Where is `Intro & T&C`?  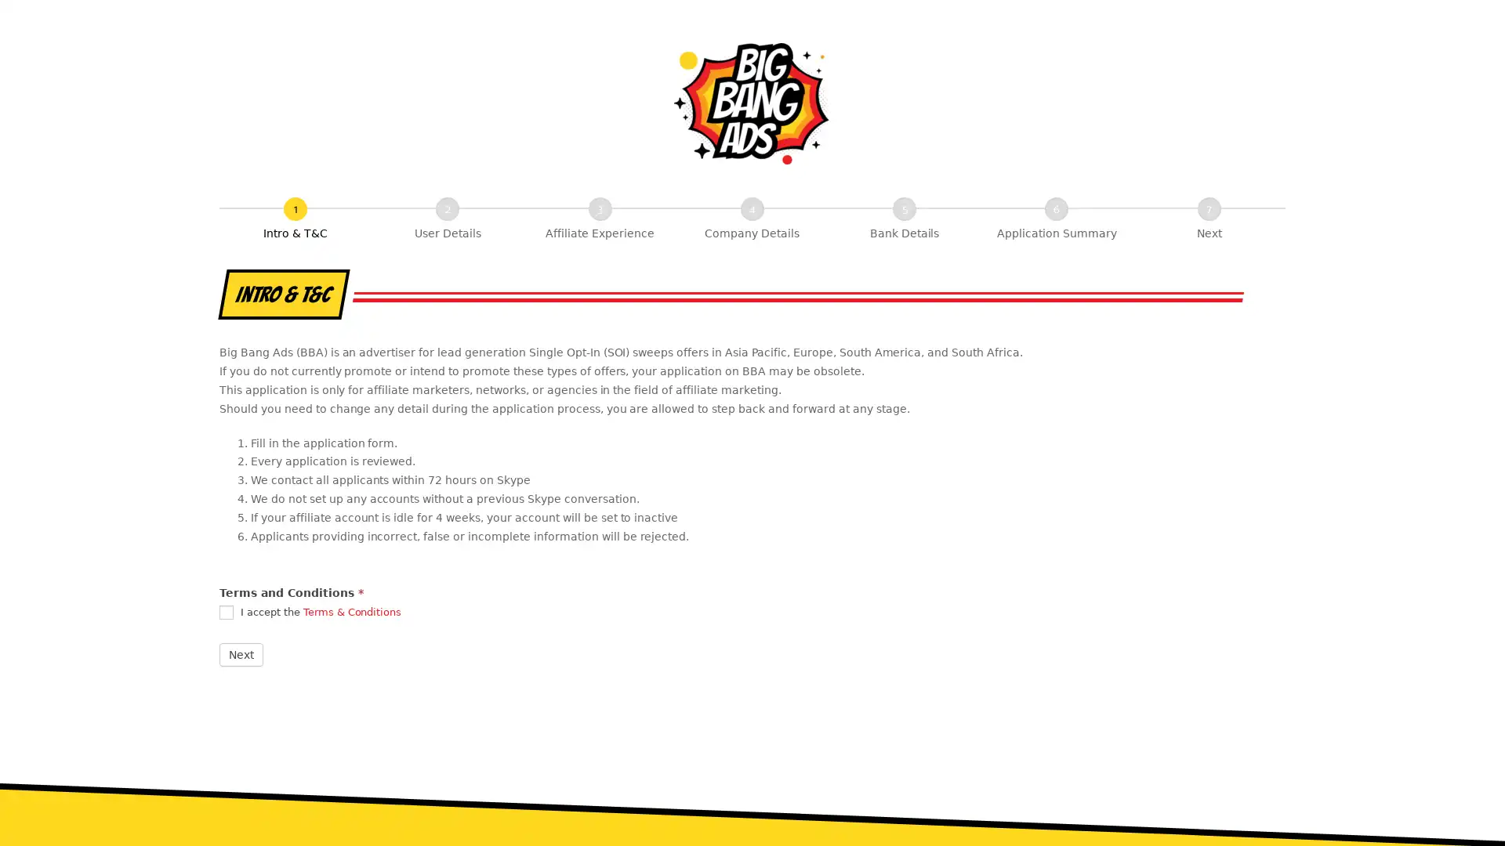
Intro & T&C is located at coordinates (296, 208).